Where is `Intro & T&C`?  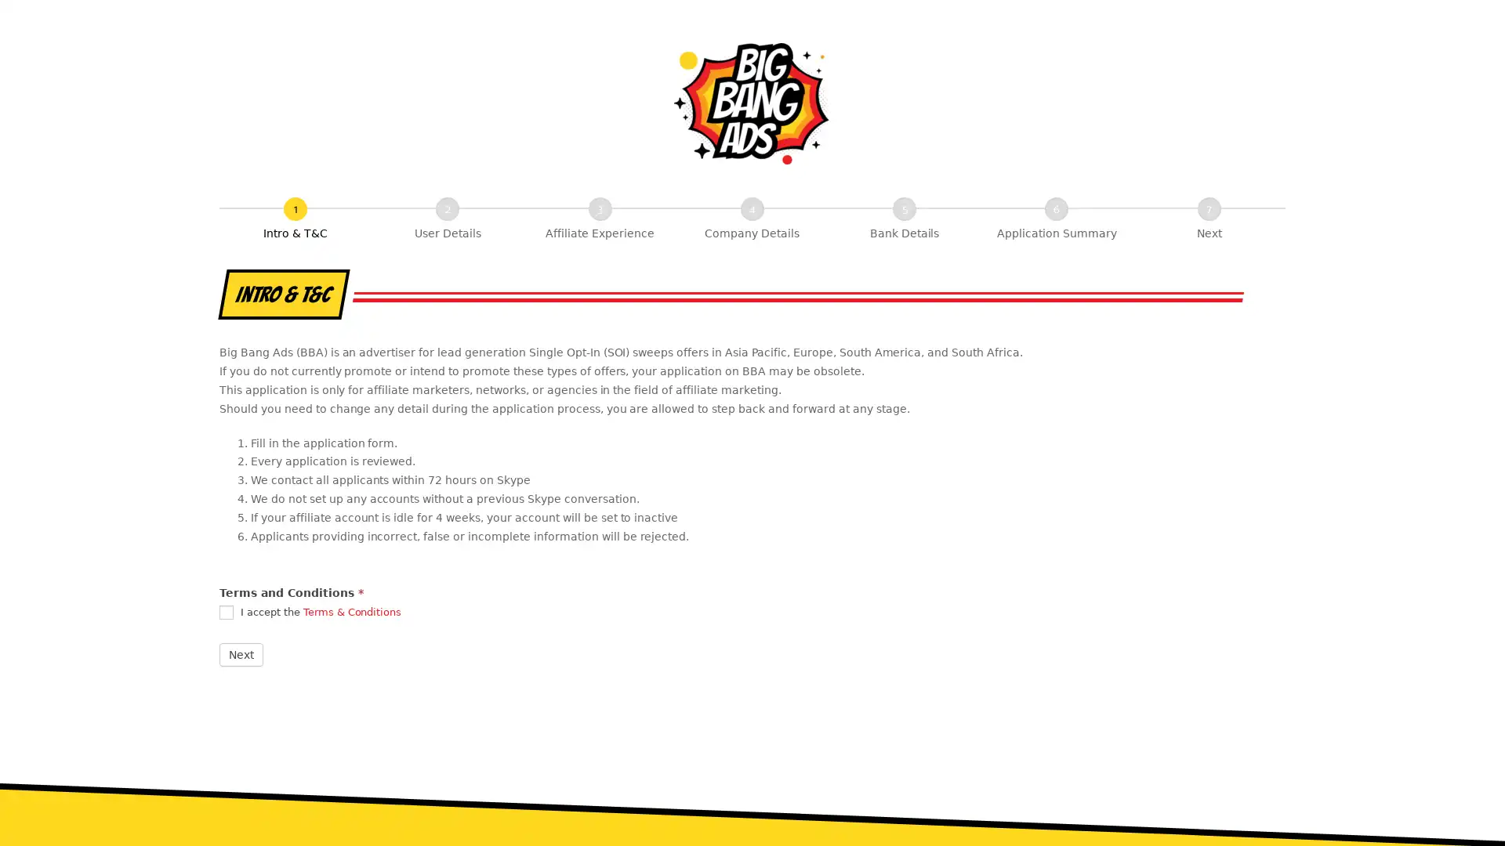
Intro & T&C is located at coordinates (296, 208).